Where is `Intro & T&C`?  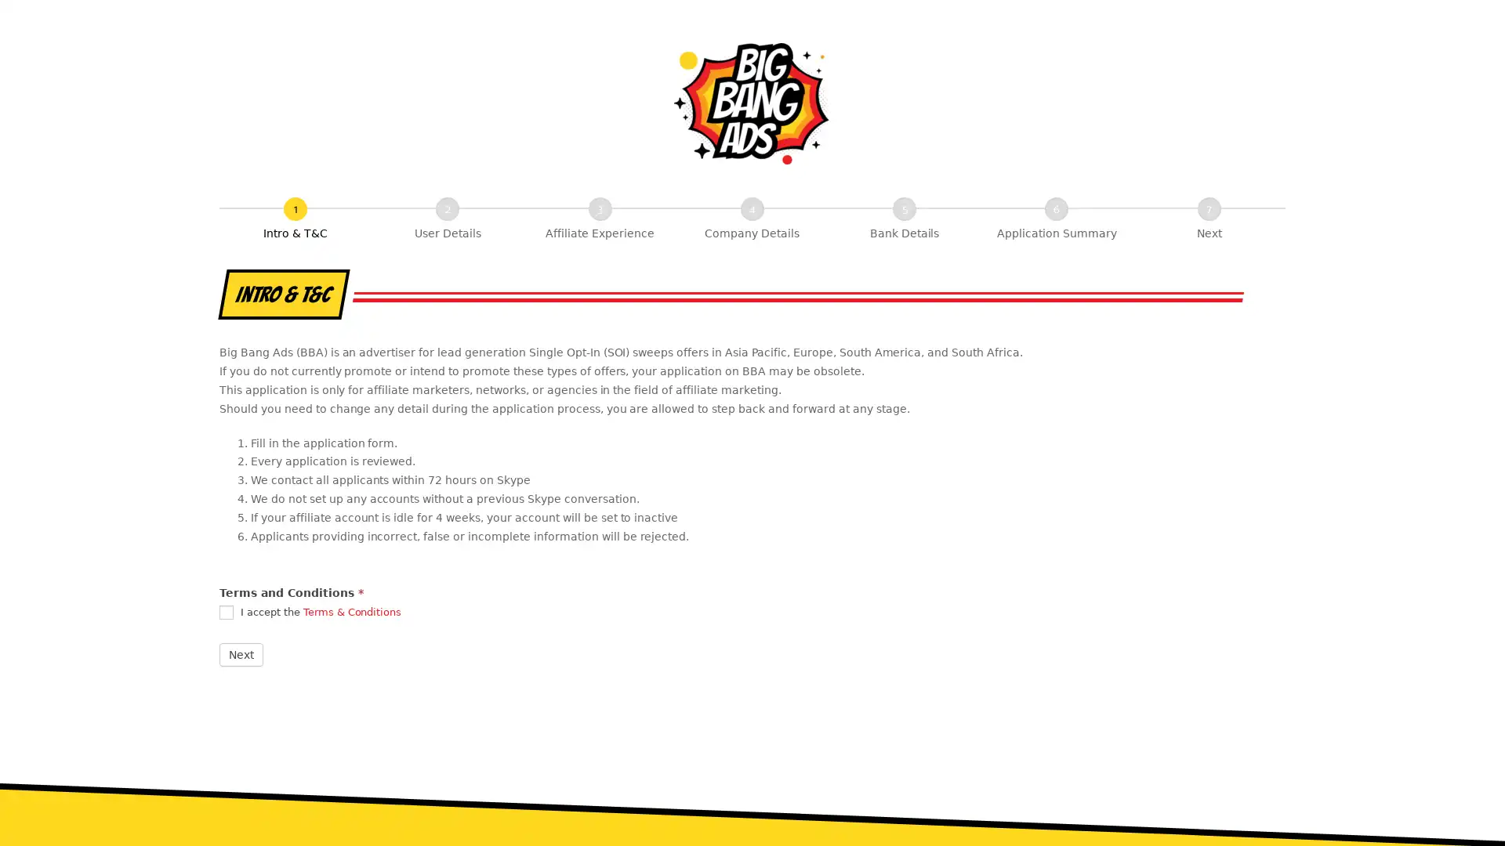
Intro & T&C is located at coordinates (296, 208).